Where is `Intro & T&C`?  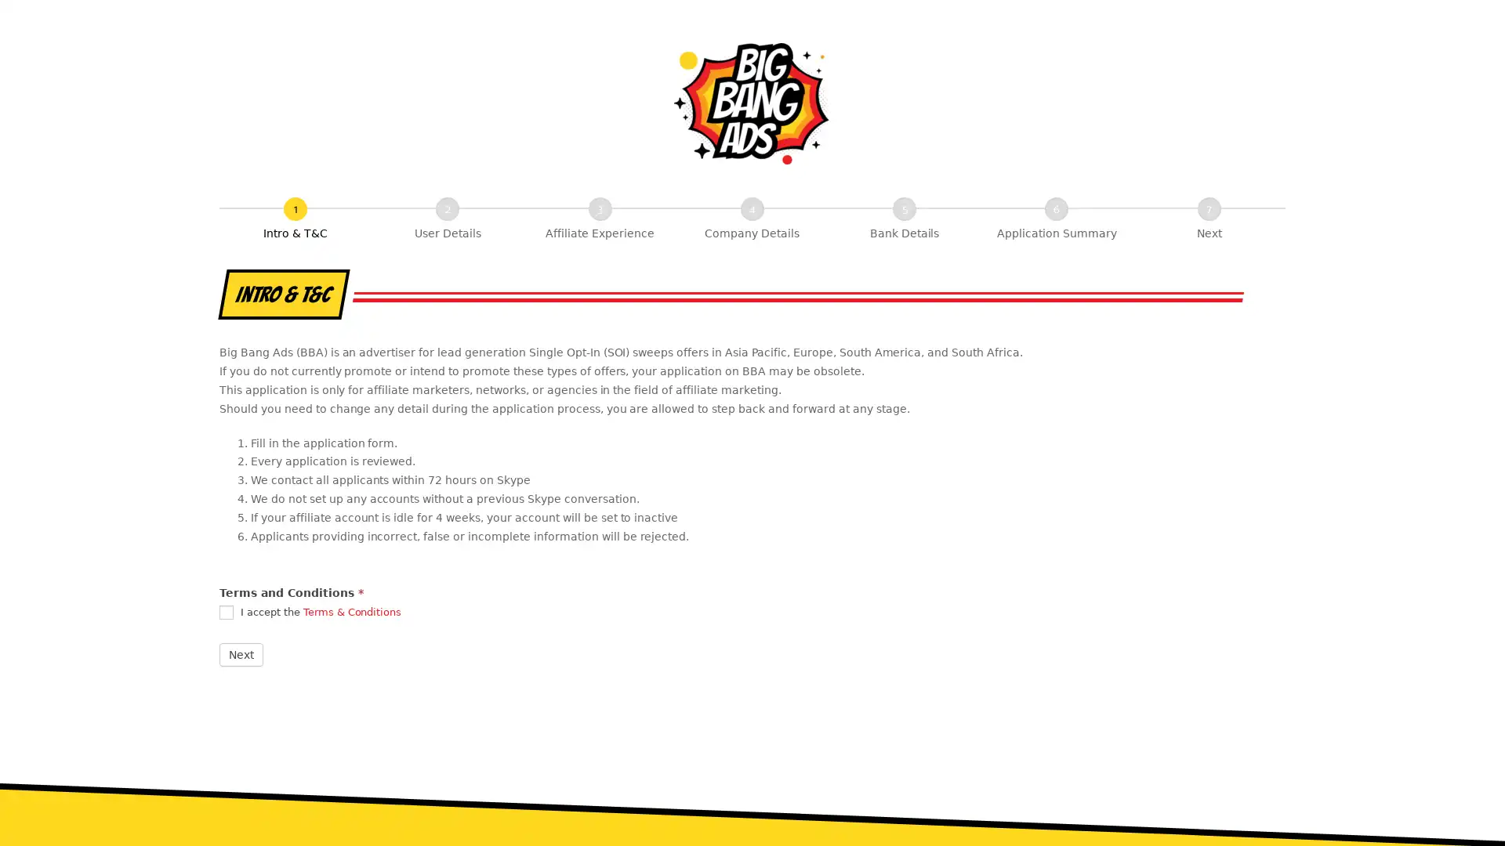
Intro & T&C is located at coordinates (296, 208).